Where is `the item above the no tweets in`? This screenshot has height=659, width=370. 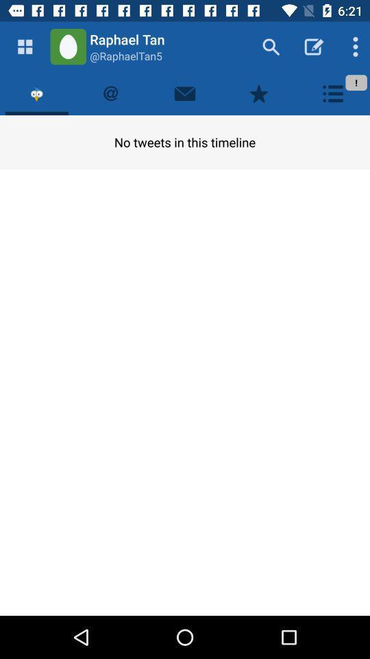
the item above the no tweets in is located at coordinates (259, 93).